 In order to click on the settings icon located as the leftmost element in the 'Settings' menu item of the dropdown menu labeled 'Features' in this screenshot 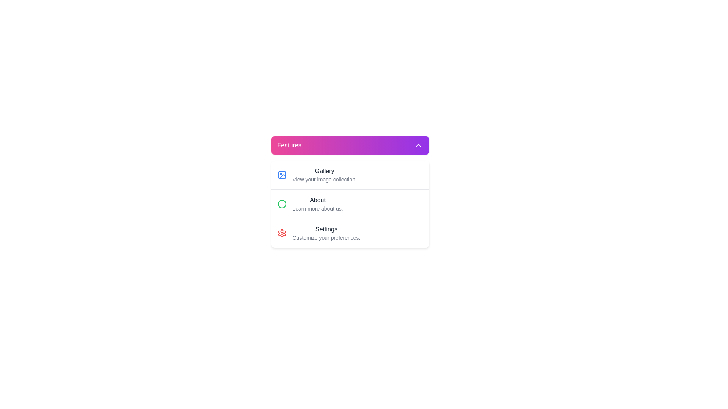, I will do `click(281, 233)`.